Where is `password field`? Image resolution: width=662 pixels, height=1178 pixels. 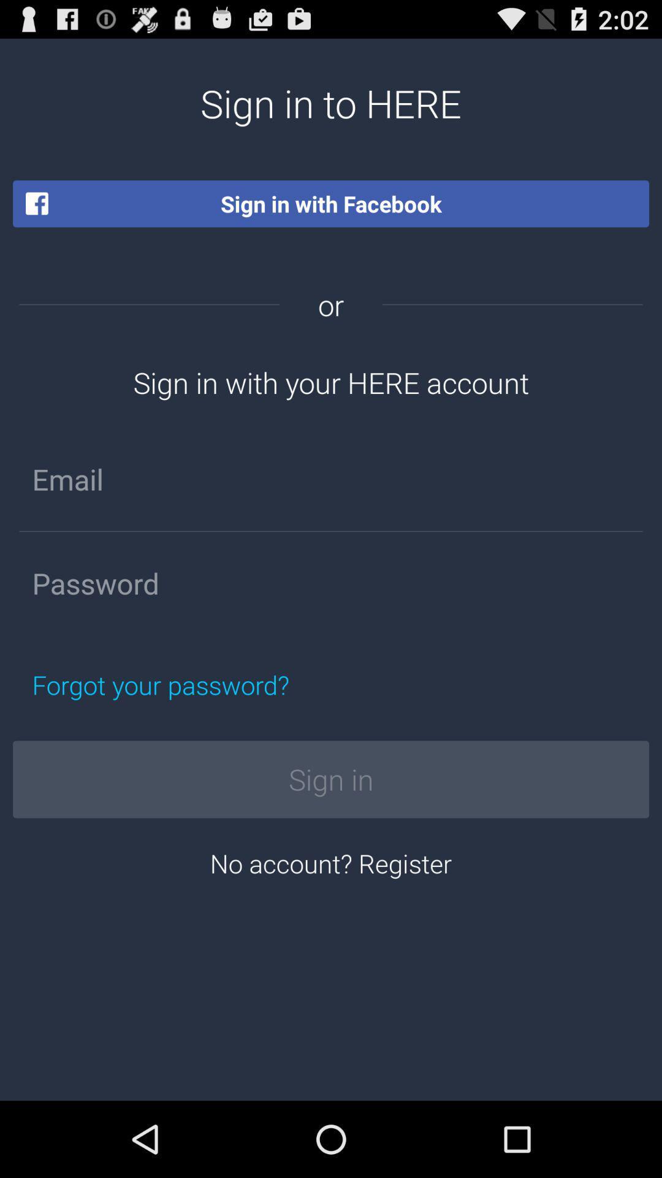 password field is located at coordinates (331, 582).